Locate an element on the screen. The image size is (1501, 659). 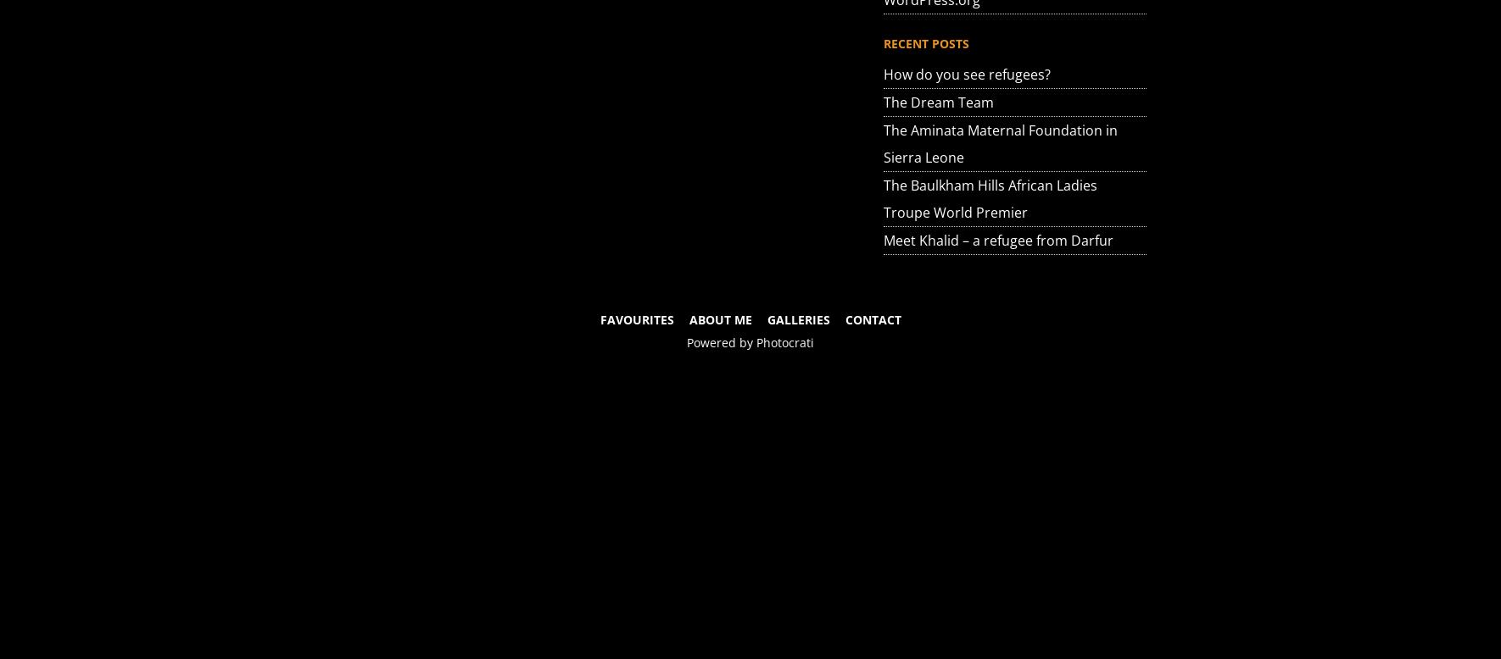
'Favourites' is located at coordinates (636, 318).